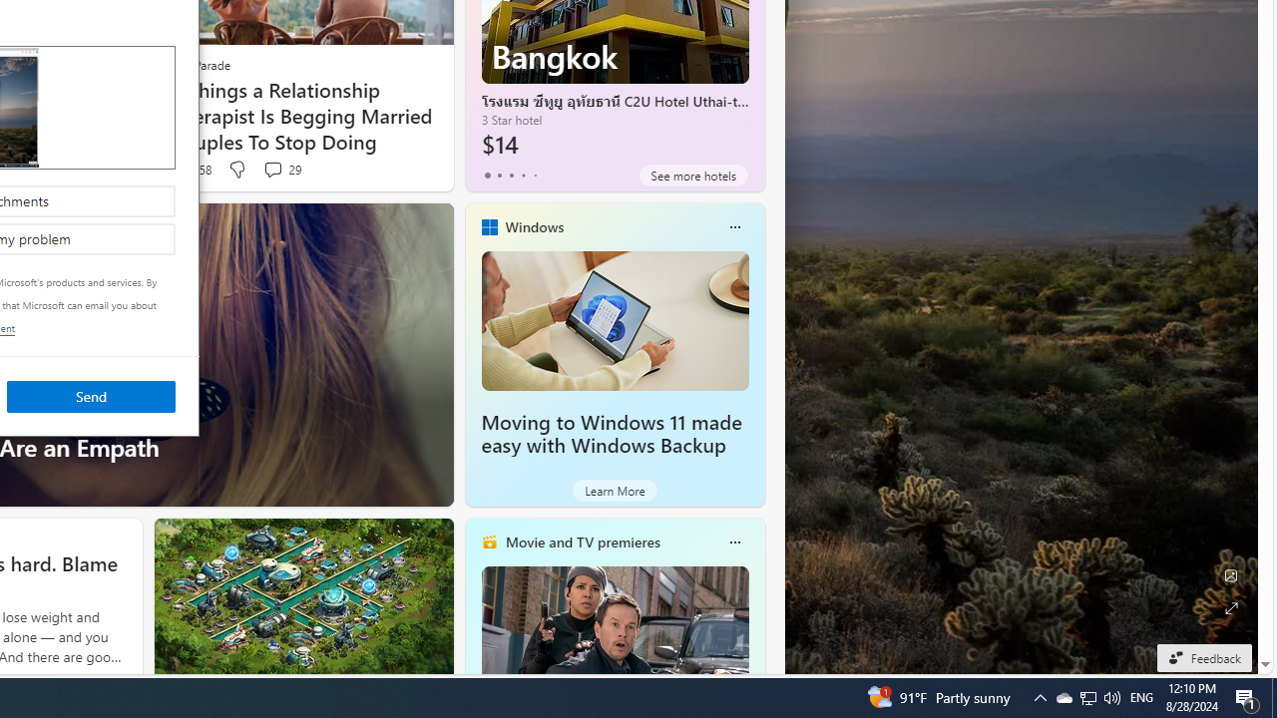  What do you see at coordinates (733, 541) in the screenshot?
I see `'Class: icon-img'` at bounding box center [733, 541].